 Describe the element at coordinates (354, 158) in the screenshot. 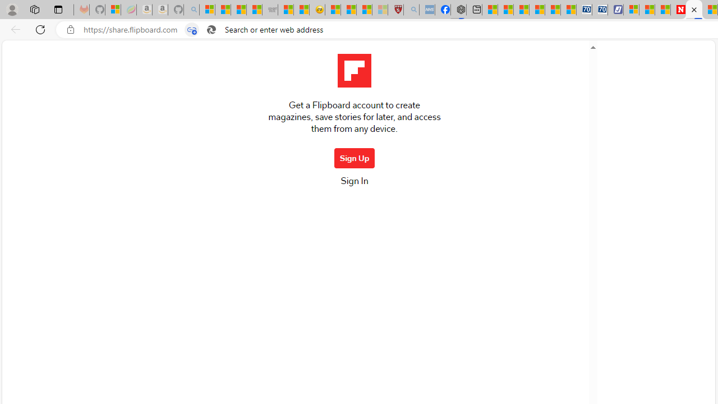

I see `'Sign Up'` at that location.